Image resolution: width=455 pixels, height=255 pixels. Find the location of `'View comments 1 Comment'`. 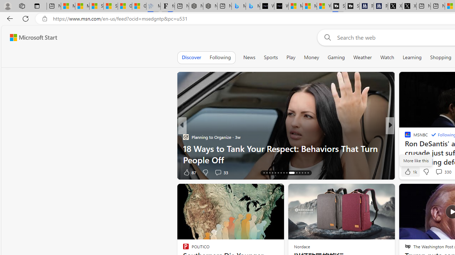

'View comments 1 Comment' is located at coordinates (439, 172).